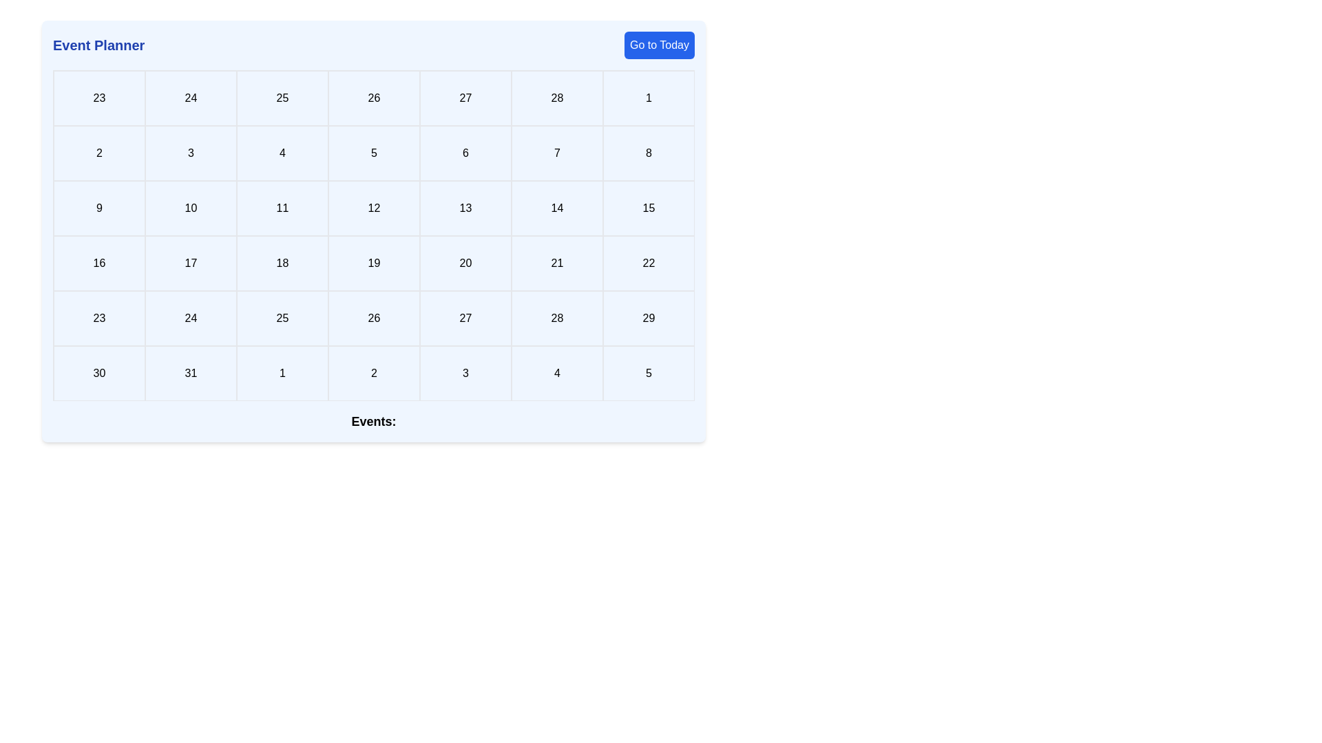 This screenshot has height=743, width=1322. Describe the element at coordinates (465, 208) in the screenshot. I see `the Calendar Day Cell displaying number '13'` at that location.